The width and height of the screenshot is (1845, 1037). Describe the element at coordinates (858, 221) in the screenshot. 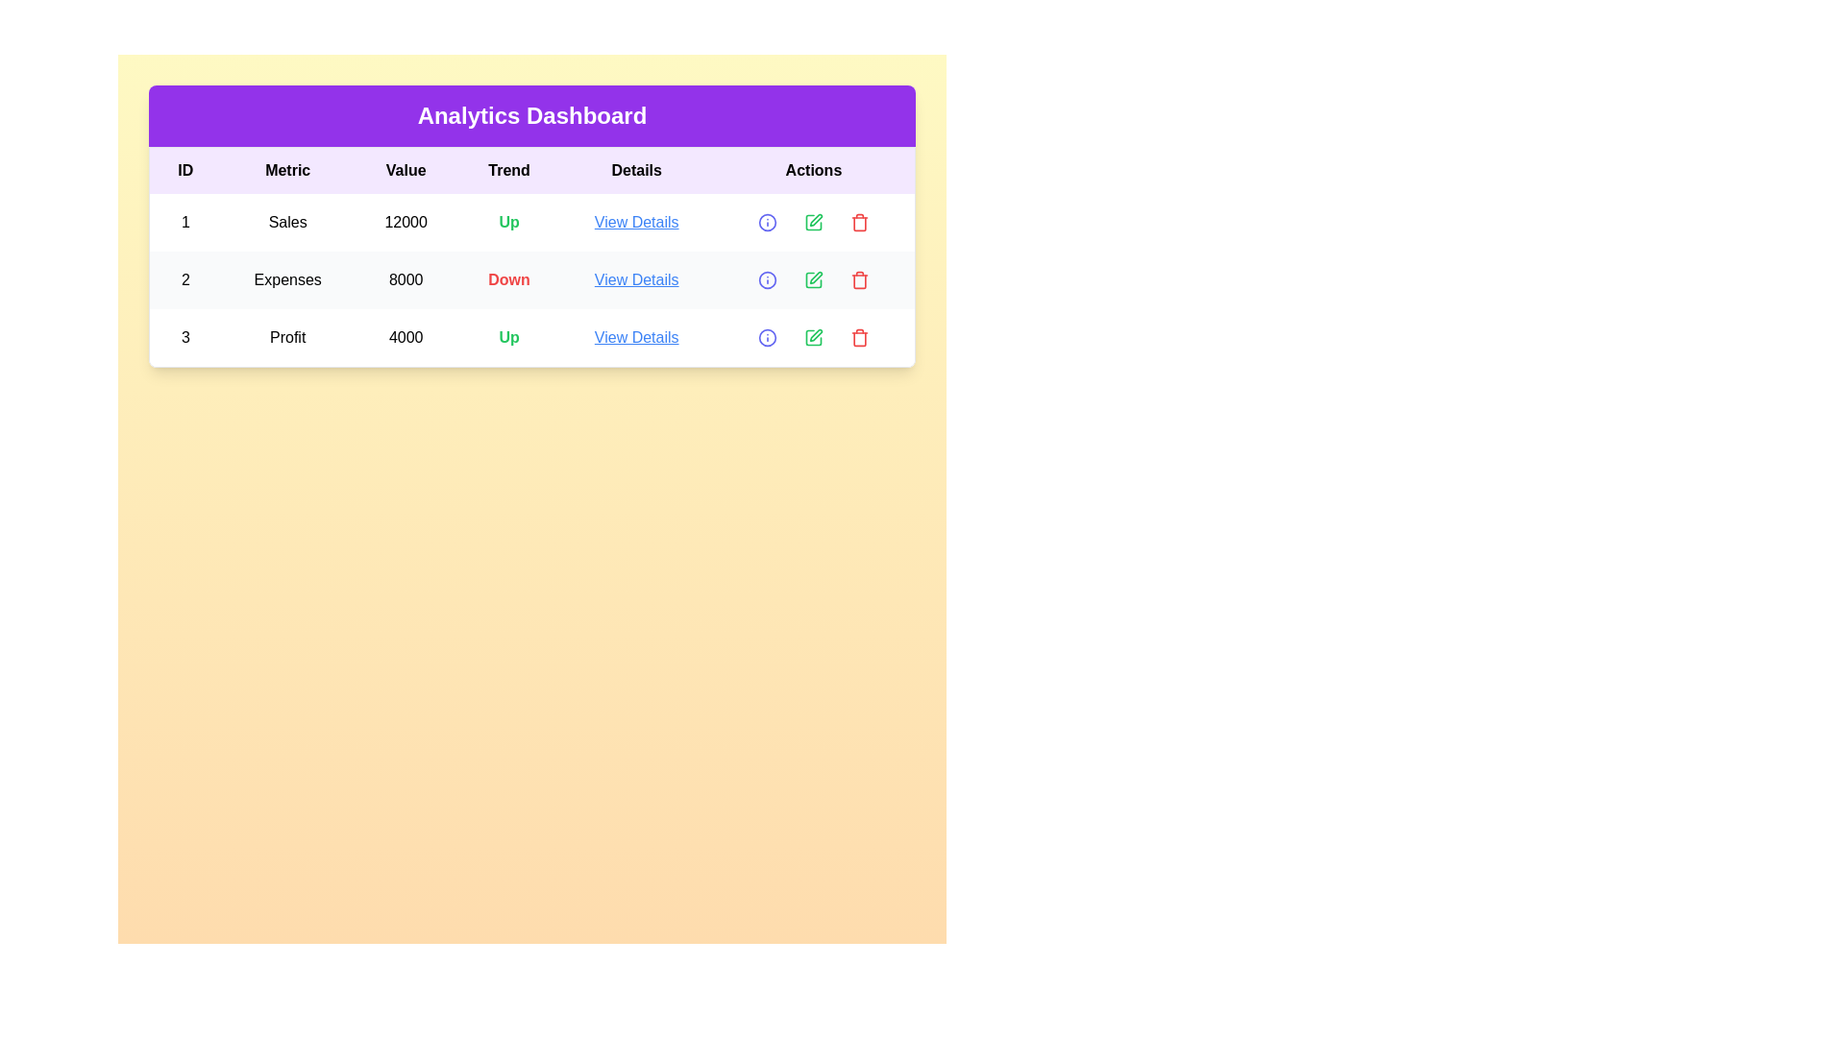

I see `the trash can icon in the 'Actions' column of the data table for the 'Sales' metric to possibly display a tooltip outlining its function` at that location.